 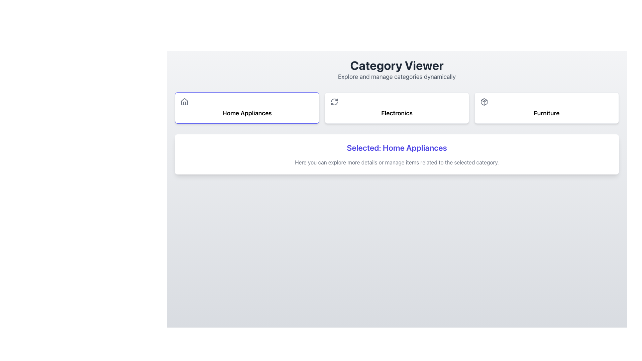 What do you see at coordinates (247, 113) in the screenshot?
I see `displayed text 'Home Appliances' from the Static Text Component located in the top left corner of the interface, within its card-like section` at bounding box center [247, 113].